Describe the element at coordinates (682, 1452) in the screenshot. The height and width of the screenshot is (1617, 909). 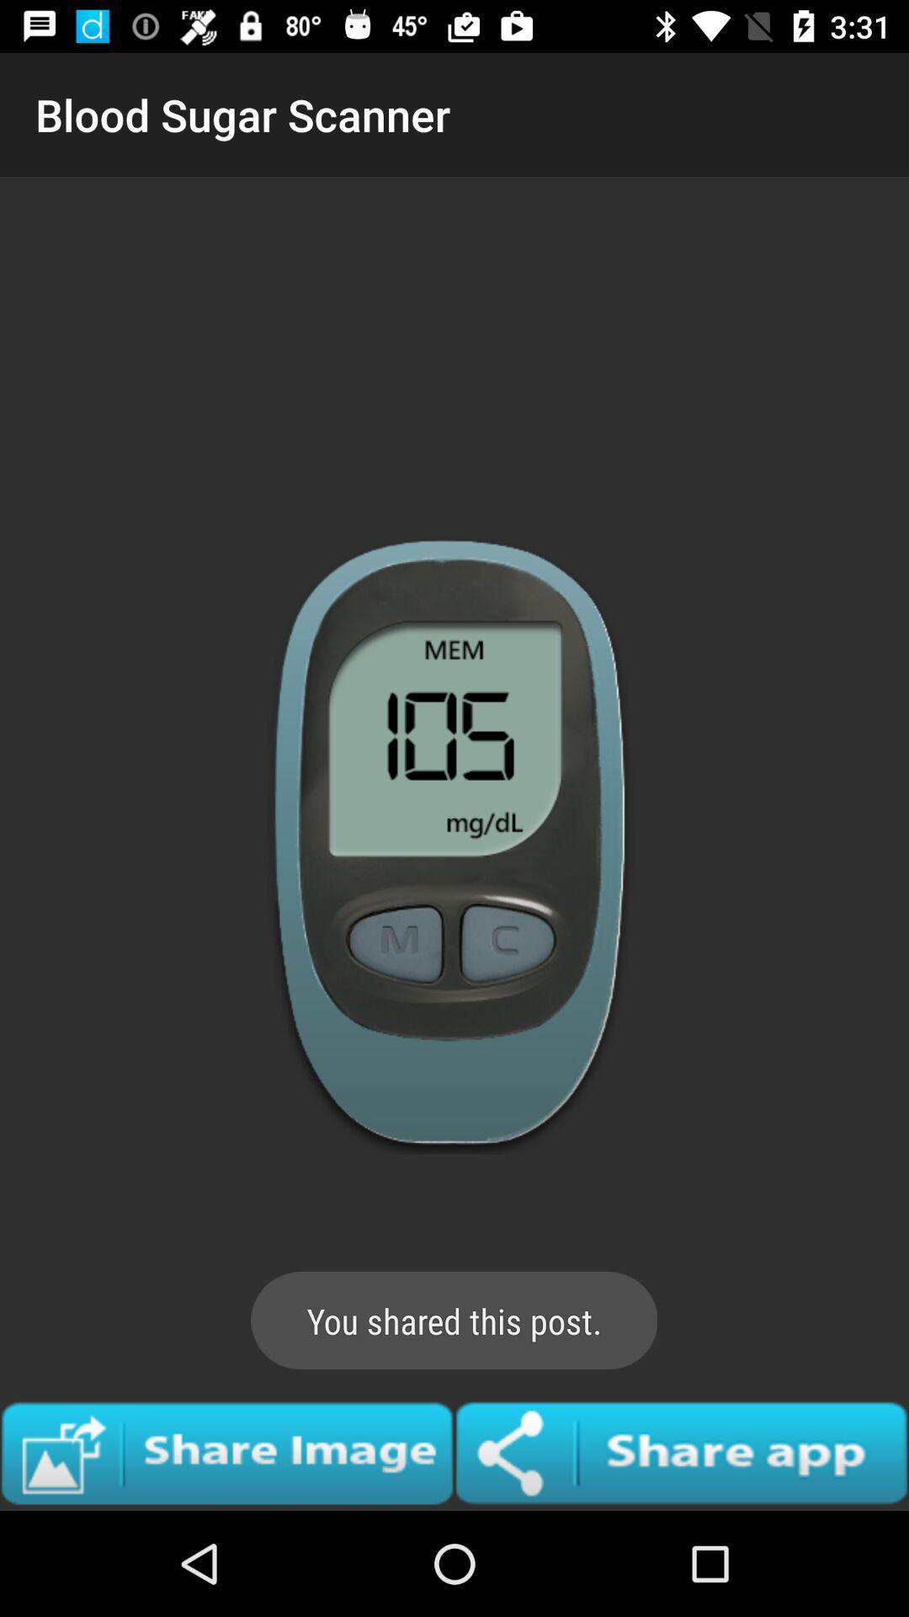
I see `share the app` at that location.